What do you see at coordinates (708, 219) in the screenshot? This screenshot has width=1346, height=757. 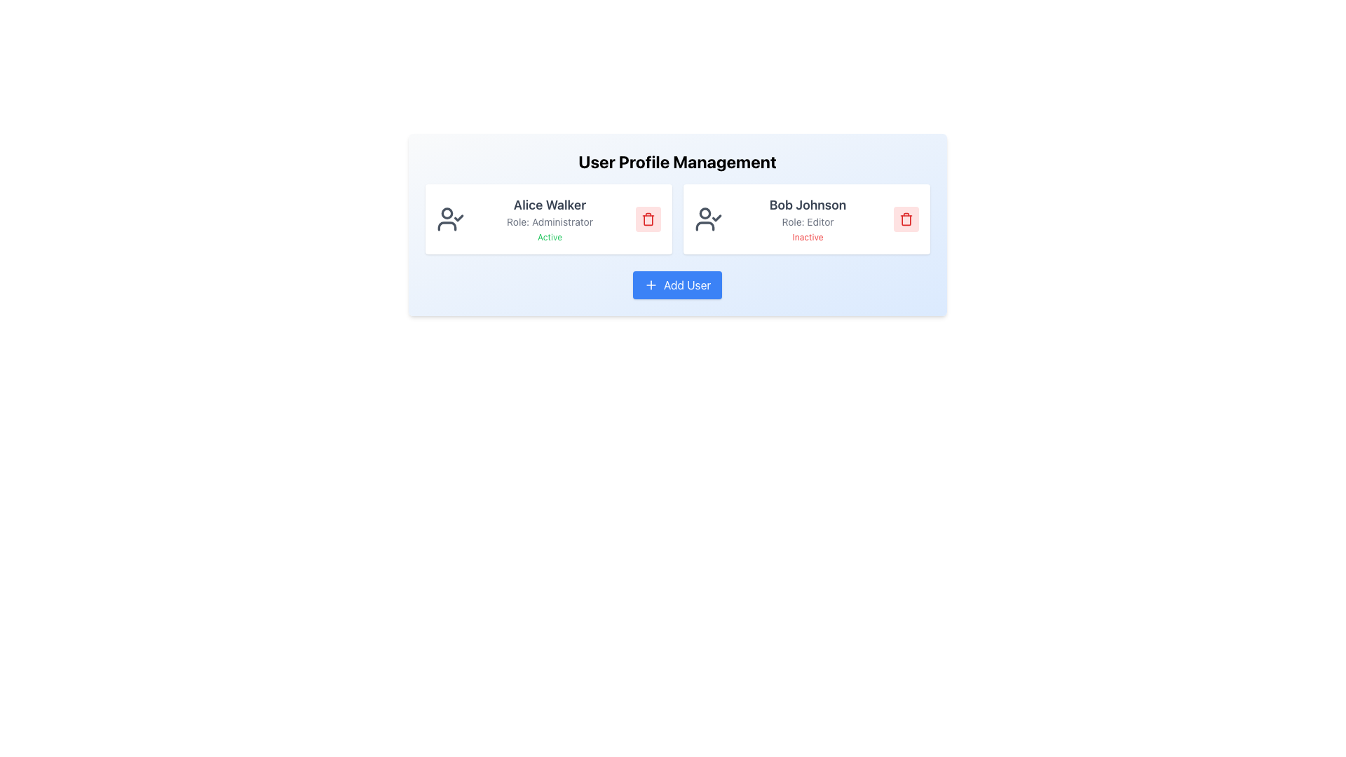 I see `the user icon with a checkmark, which is located to the left of the text 'Bob Johnson Role: Editor Inactive', situated above the 'Add User' button` at bounding box center [708, 219].